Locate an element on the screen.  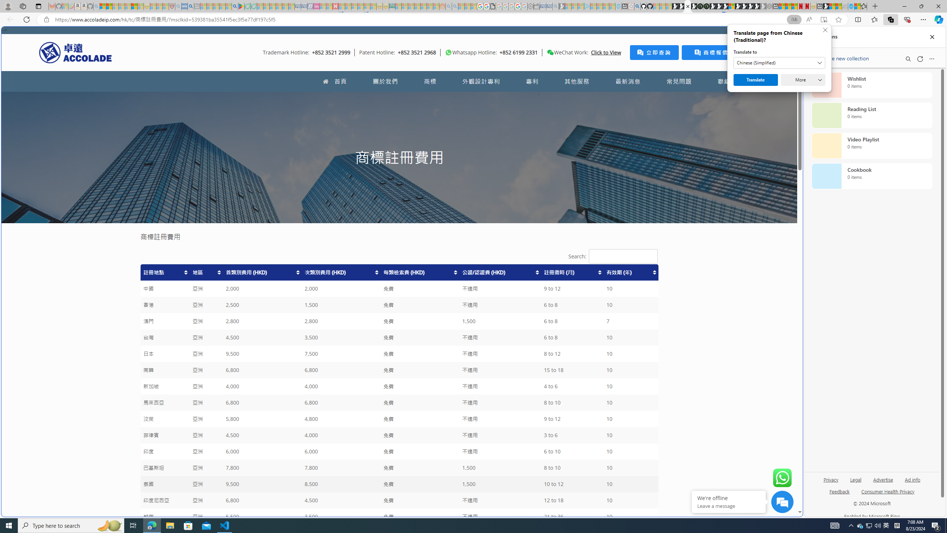
'google_privacy_policy_zh-CN.pdf' is located at coordinates (493, 6).